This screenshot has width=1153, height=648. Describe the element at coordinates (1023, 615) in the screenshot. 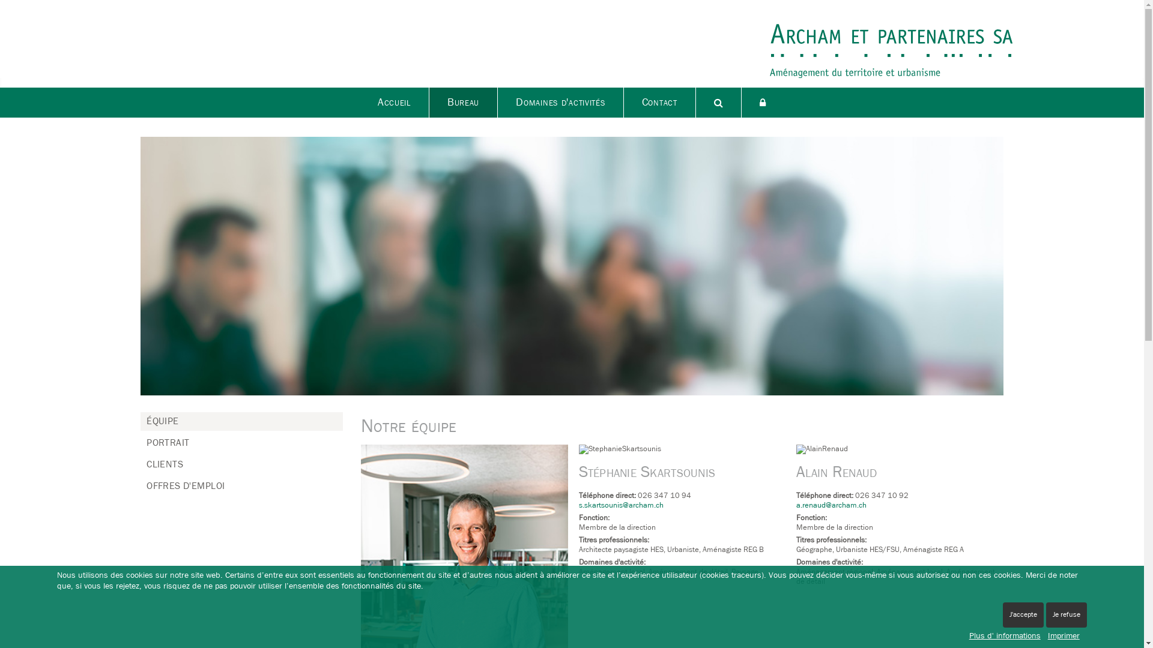

I see `'J'accepte'` at that location.